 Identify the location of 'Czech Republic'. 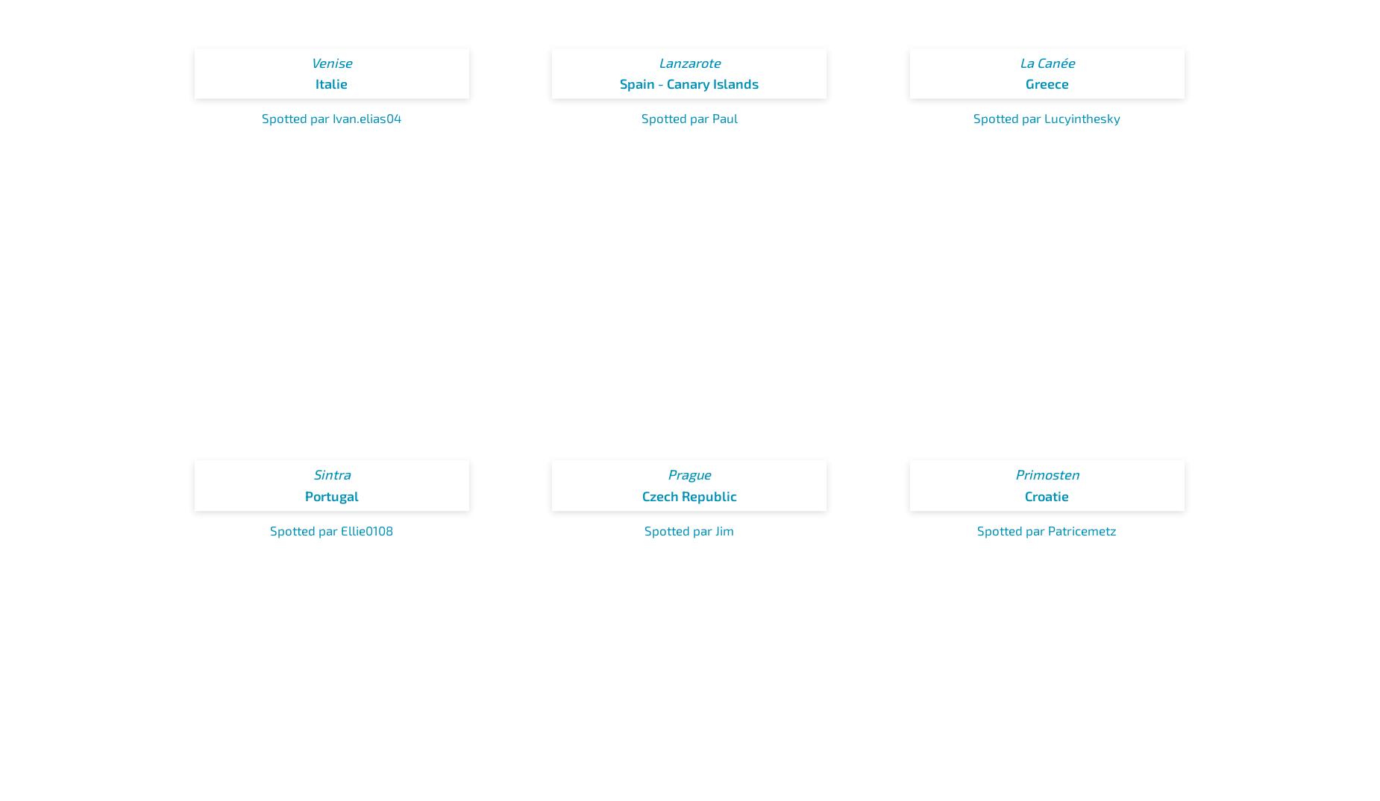
(642, 495).